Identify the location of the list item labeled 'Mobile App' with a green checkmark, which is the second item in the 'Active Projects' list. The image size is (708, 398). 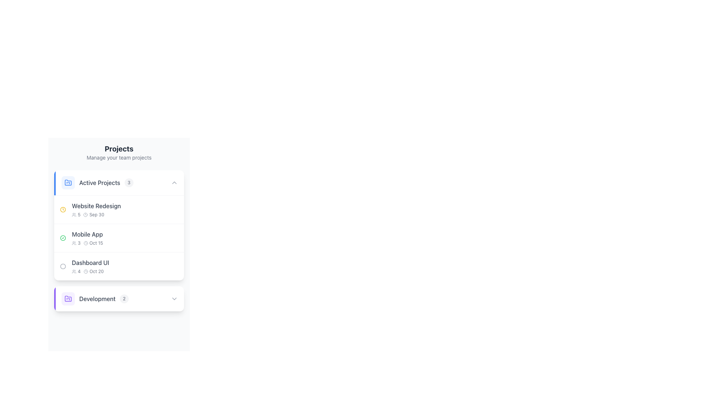
(119, 237).